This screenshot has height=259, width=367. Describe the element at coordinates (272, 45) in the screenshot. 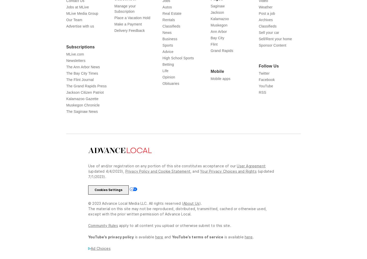

I see `'Sponsor Content'` at that location.